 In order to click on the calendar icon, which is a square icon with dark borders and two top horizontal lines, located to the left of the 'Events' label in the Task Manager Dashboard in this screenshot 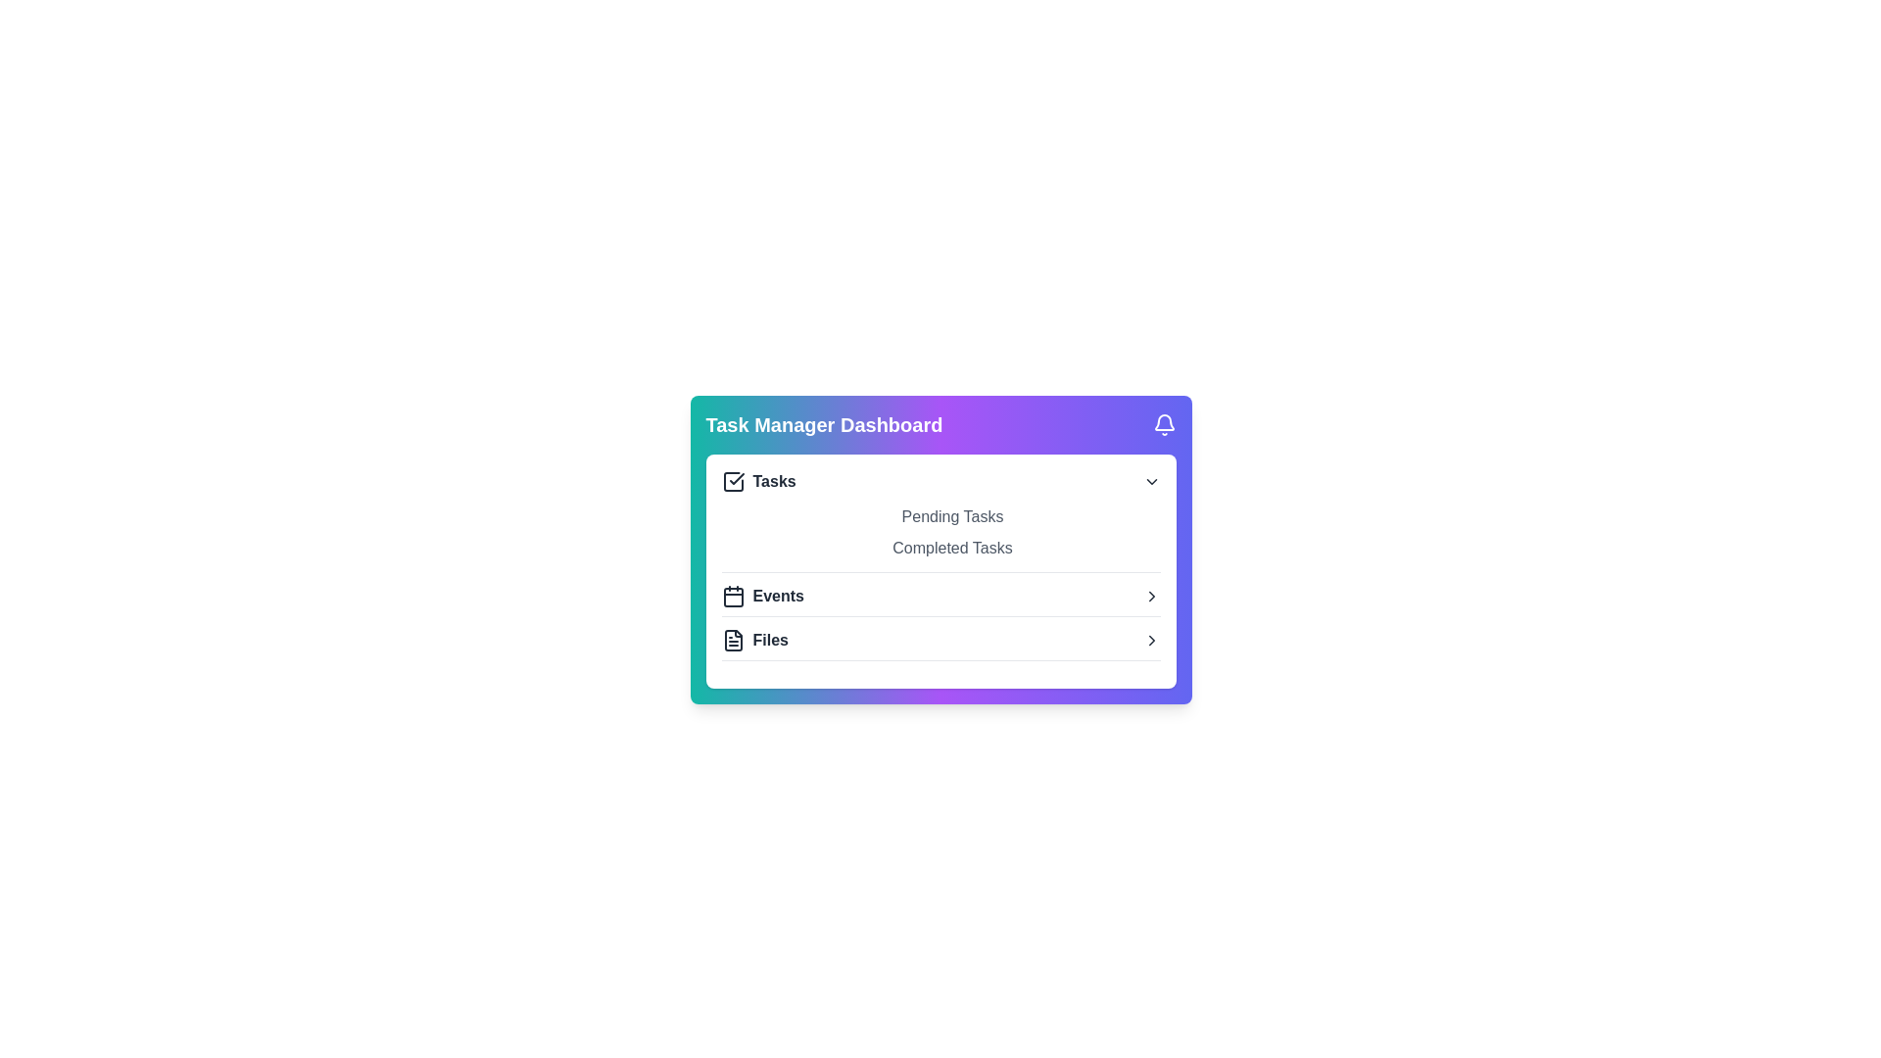, I will do `click(732, 596)`.